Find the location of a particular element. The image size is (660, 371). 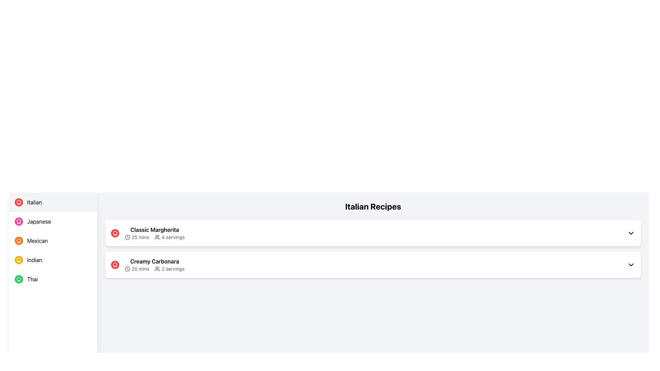

the pink circular icon with a white chef hat symbol is located at coordinates (19, 221).